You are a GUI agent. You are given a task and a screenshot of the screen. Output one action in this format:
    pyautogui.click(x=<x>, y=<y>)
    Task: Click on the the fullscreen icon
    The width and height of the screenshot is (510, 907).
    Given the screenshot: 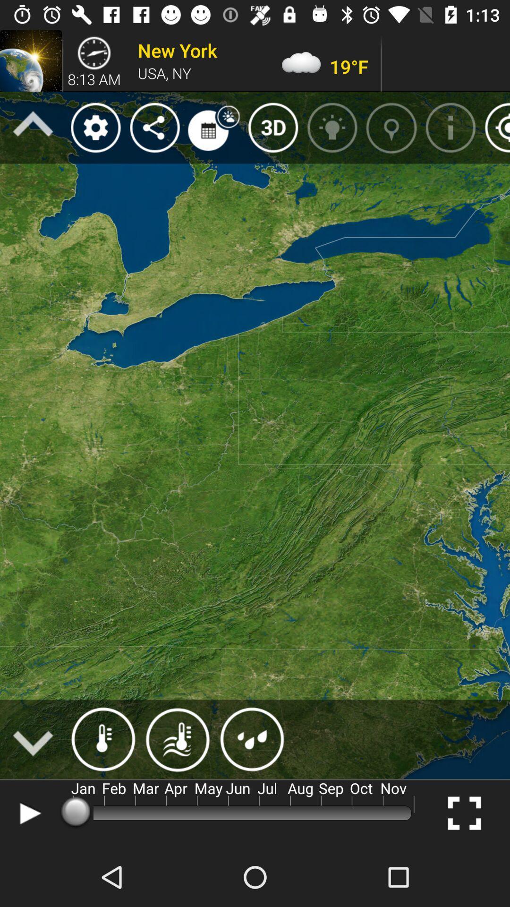 What is the action you would take?
    pyautogui.click(x=464, y=813)
    